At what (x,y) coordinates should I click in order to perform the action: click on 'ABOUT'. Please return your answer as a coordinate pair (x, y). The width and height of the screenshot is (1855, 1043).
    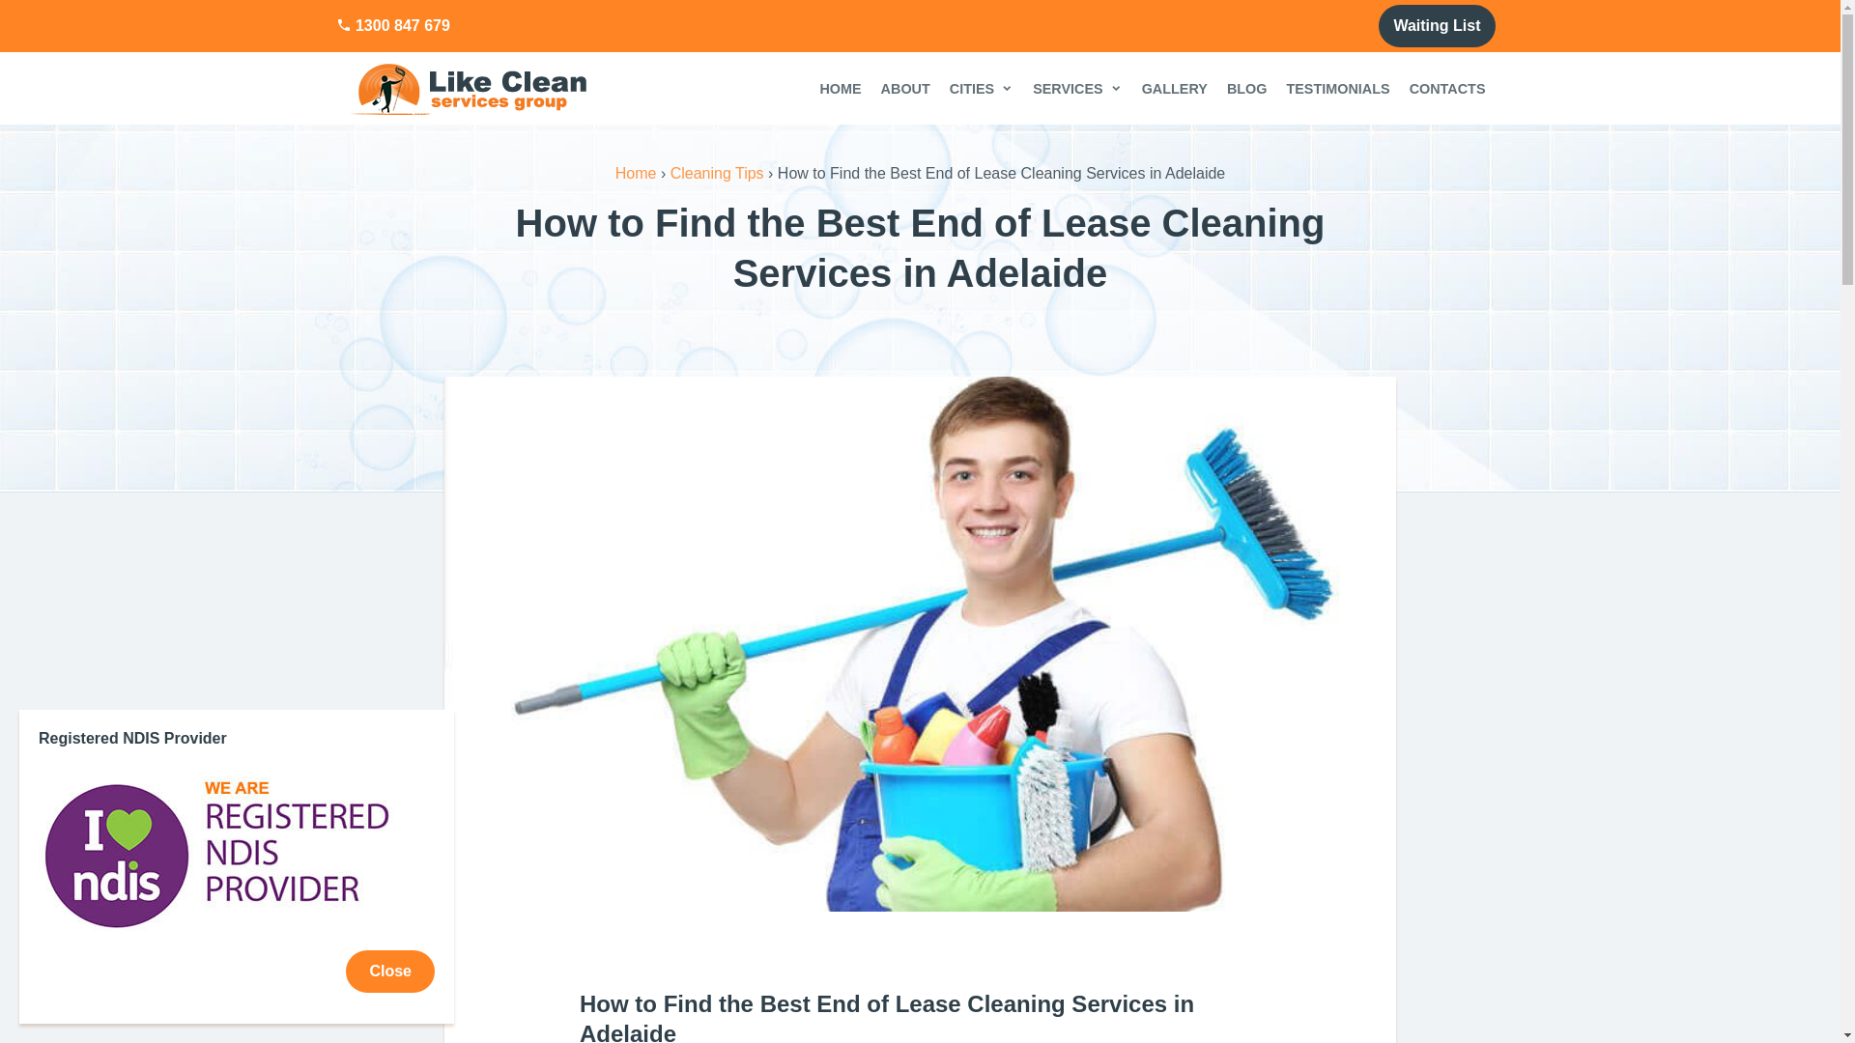
    Looking at the image, I should click on (870, 88).